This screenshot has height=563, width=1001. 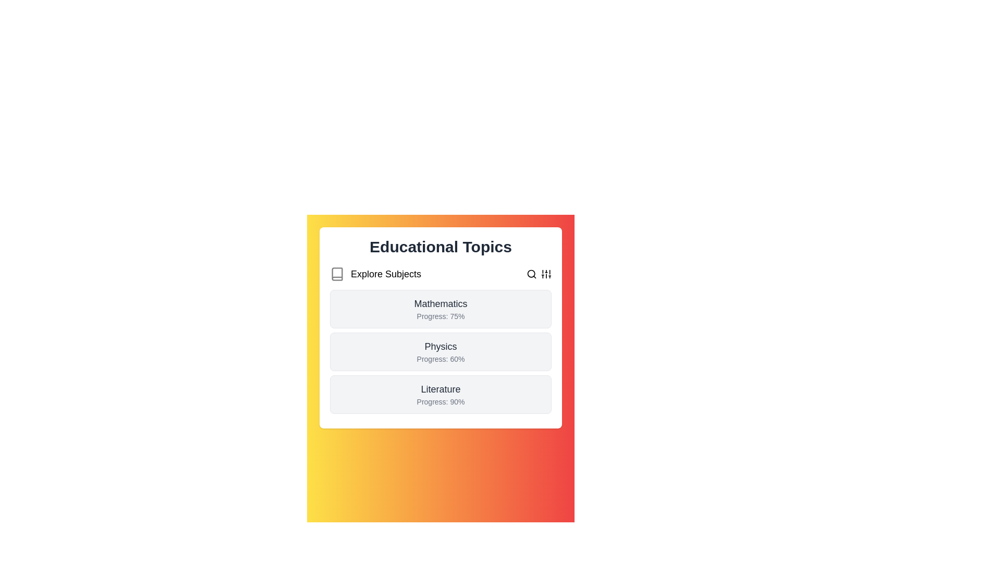 What do you see at coordinates (441, 352) in the screenshot?
I see `the list item corresponding to Physics` at bounding box center [441, 352].